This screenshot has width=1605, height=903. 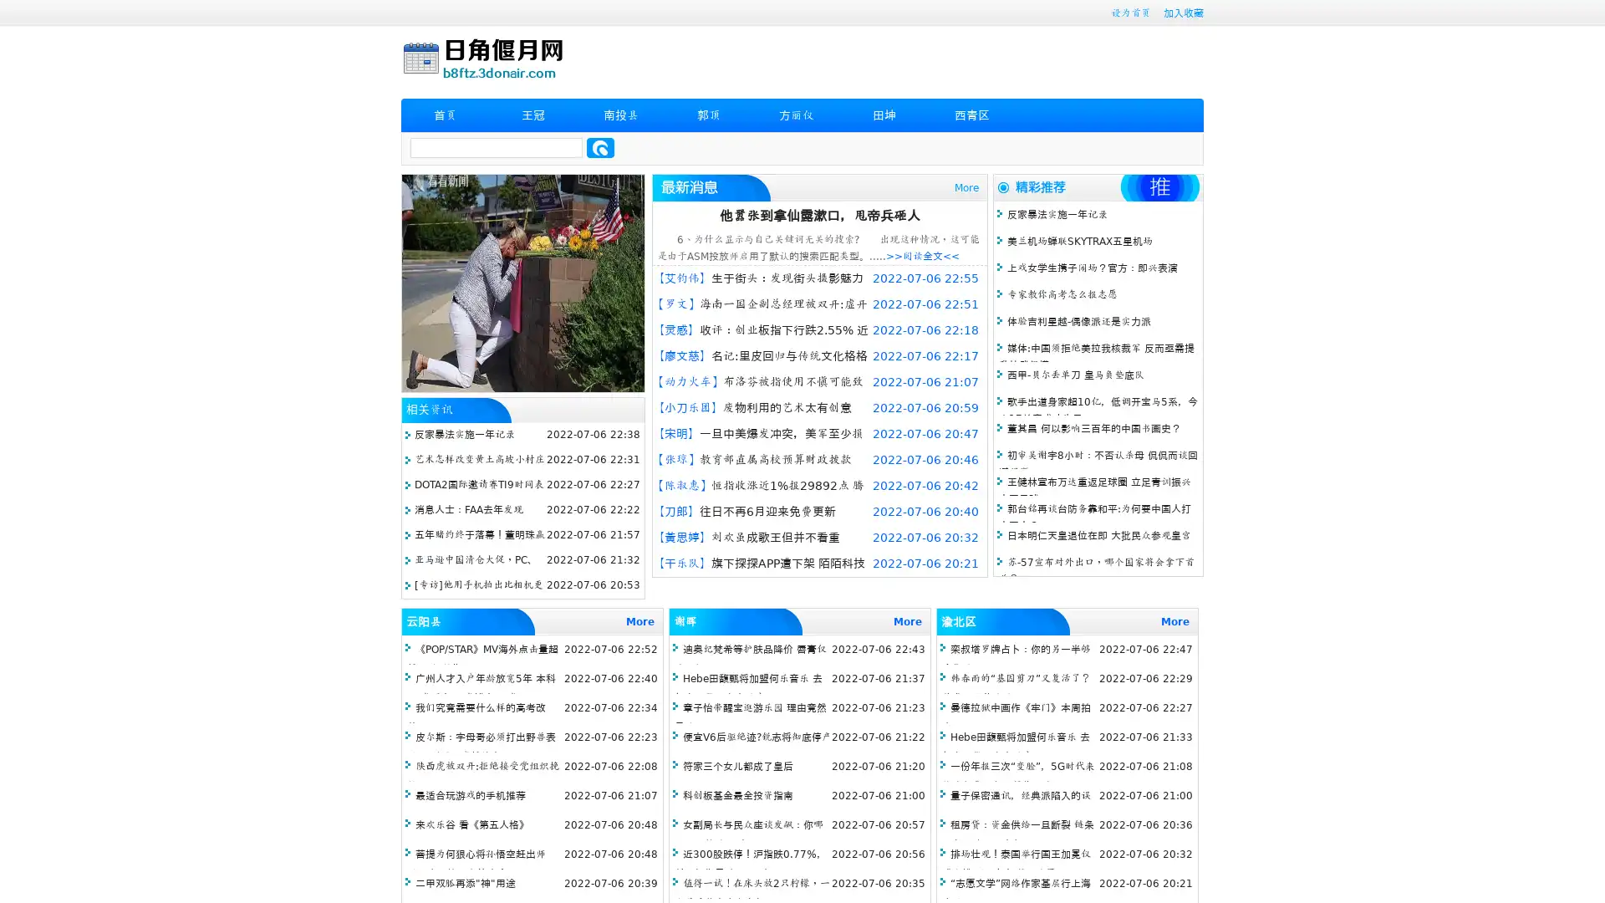 What do you see at coordinates (600, 147) in the screenshot?
I see `Search` at bounding box center [600, 147].